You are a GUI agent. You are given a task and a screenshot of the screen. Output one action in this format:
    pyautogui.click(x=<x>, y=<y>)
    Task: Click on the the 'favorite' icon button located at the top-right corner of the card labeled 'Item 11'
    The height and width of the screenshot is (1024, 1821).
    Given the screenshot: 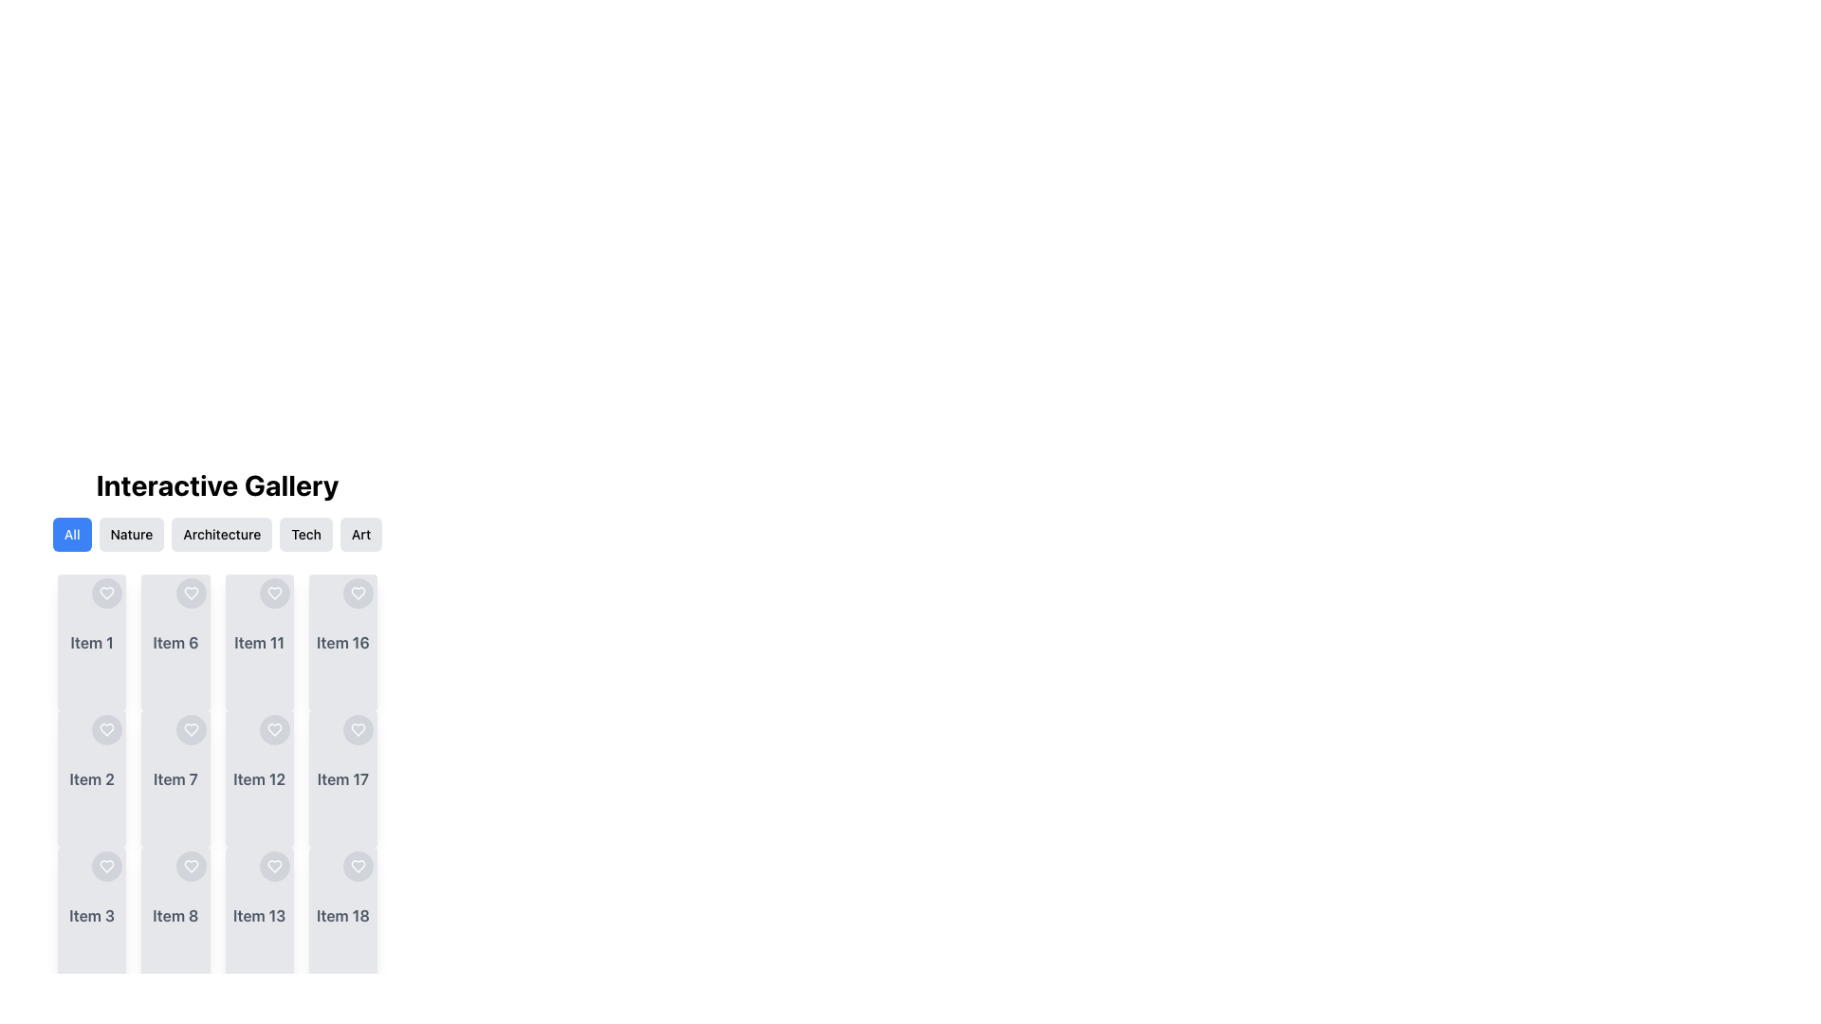 What is the action you would take?
    pyautogui.click(x=273, y=592)
    